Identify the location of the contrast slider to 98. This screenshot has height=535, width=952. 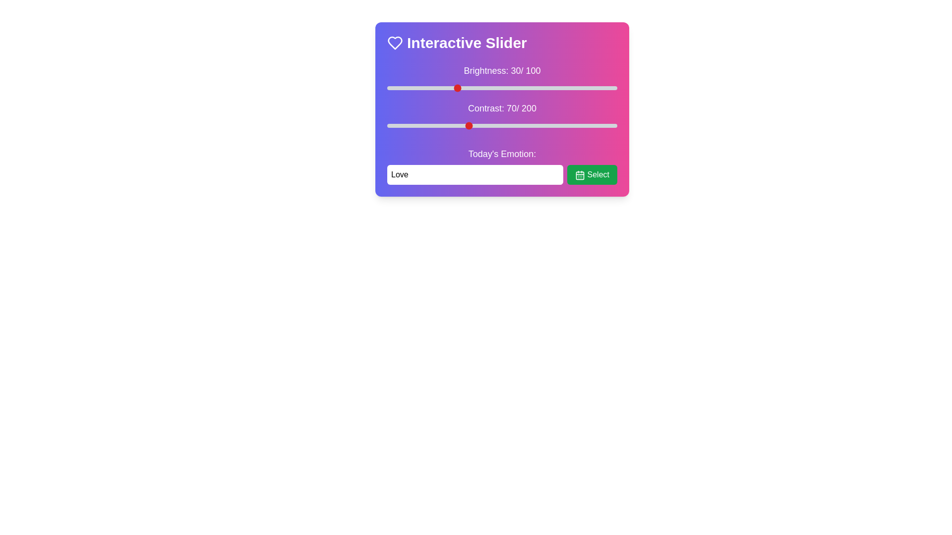
(500, 125).